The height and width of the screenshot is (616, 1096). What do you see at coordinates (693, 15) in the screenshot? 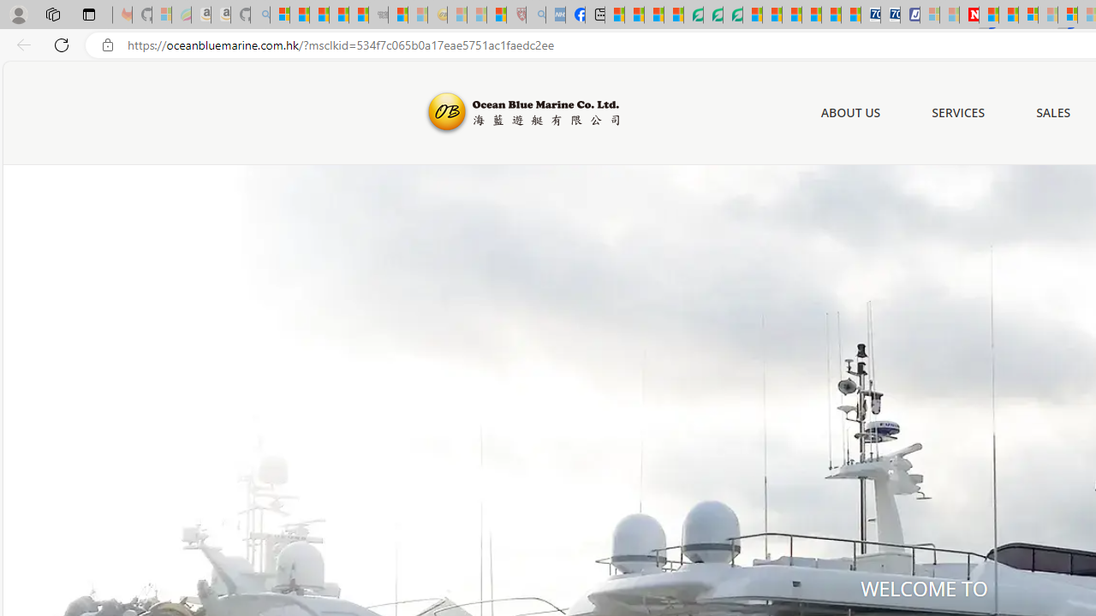
I see `'LendingTree - Compare Lenders'` at bounding box center [693, 15].